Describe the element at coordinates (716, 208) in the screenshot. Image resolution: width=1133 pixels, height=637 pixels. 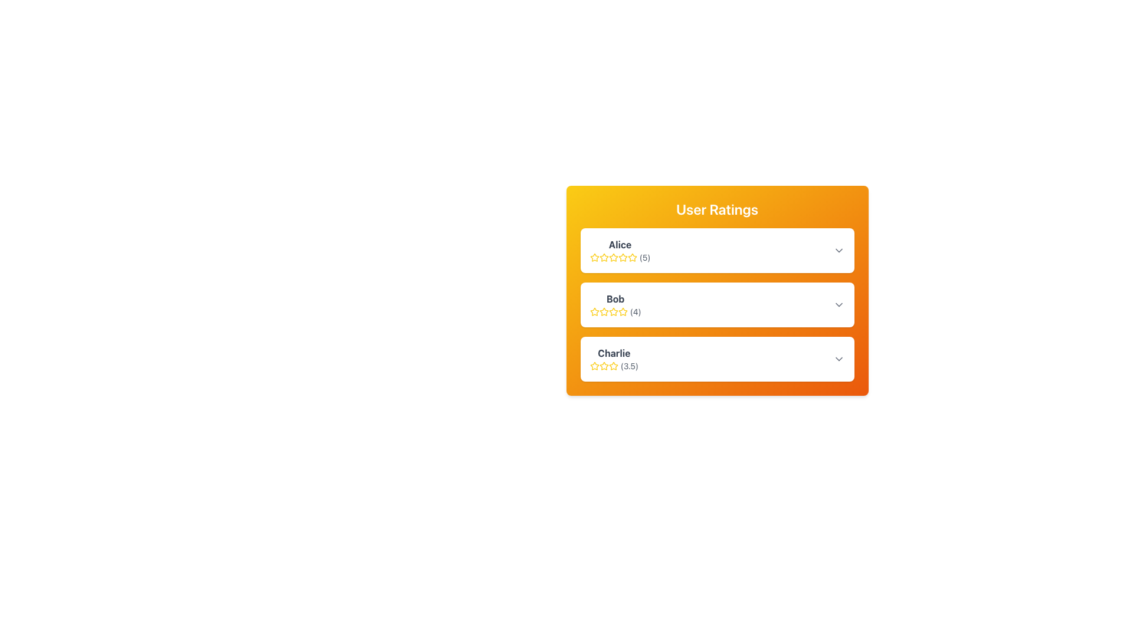
I see `the Text label that serves as a title for the ratings section, located at the top center of the orange gradient card` at that location.